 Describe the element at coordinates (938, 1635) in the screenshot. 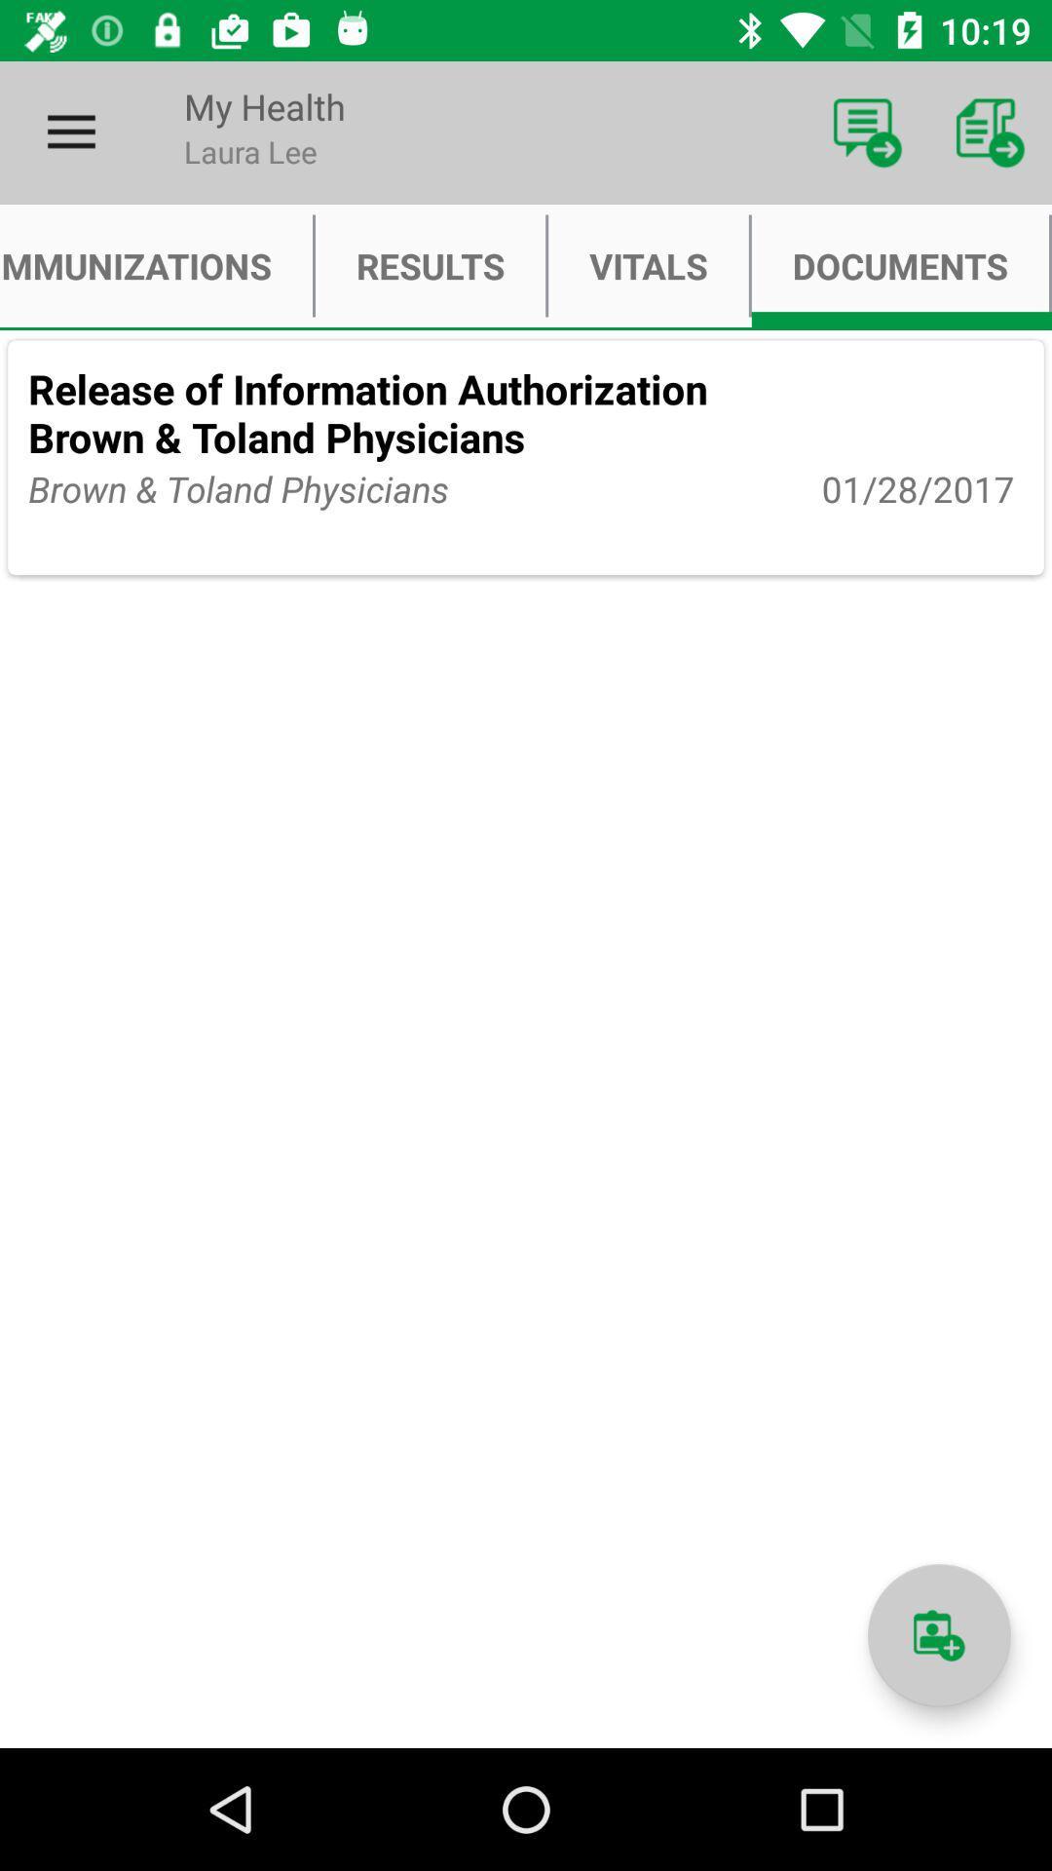

I see `icon below the 01/28/2017  item` at that location.